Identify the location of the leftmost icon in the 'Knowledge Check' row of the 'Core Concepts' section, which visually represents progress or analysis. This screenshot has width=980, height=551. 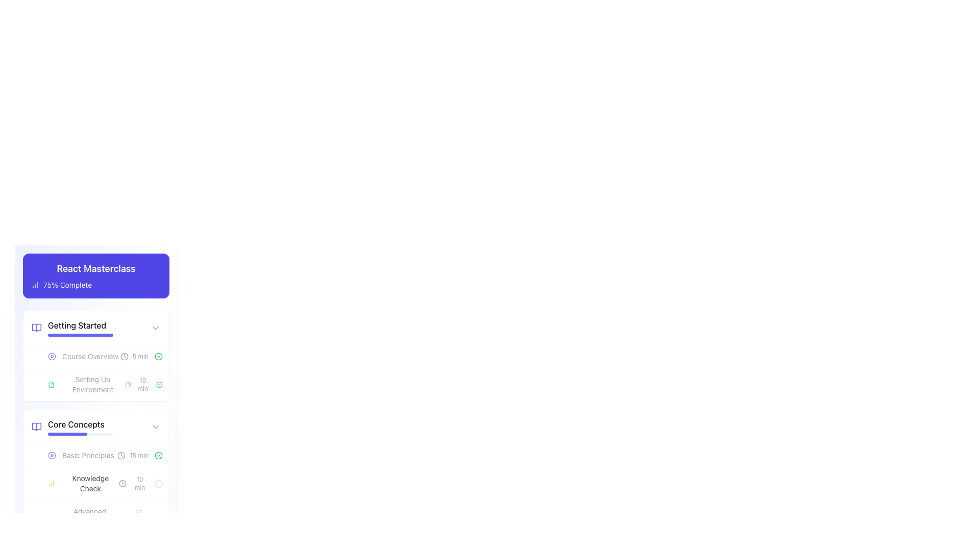
(51, 483).